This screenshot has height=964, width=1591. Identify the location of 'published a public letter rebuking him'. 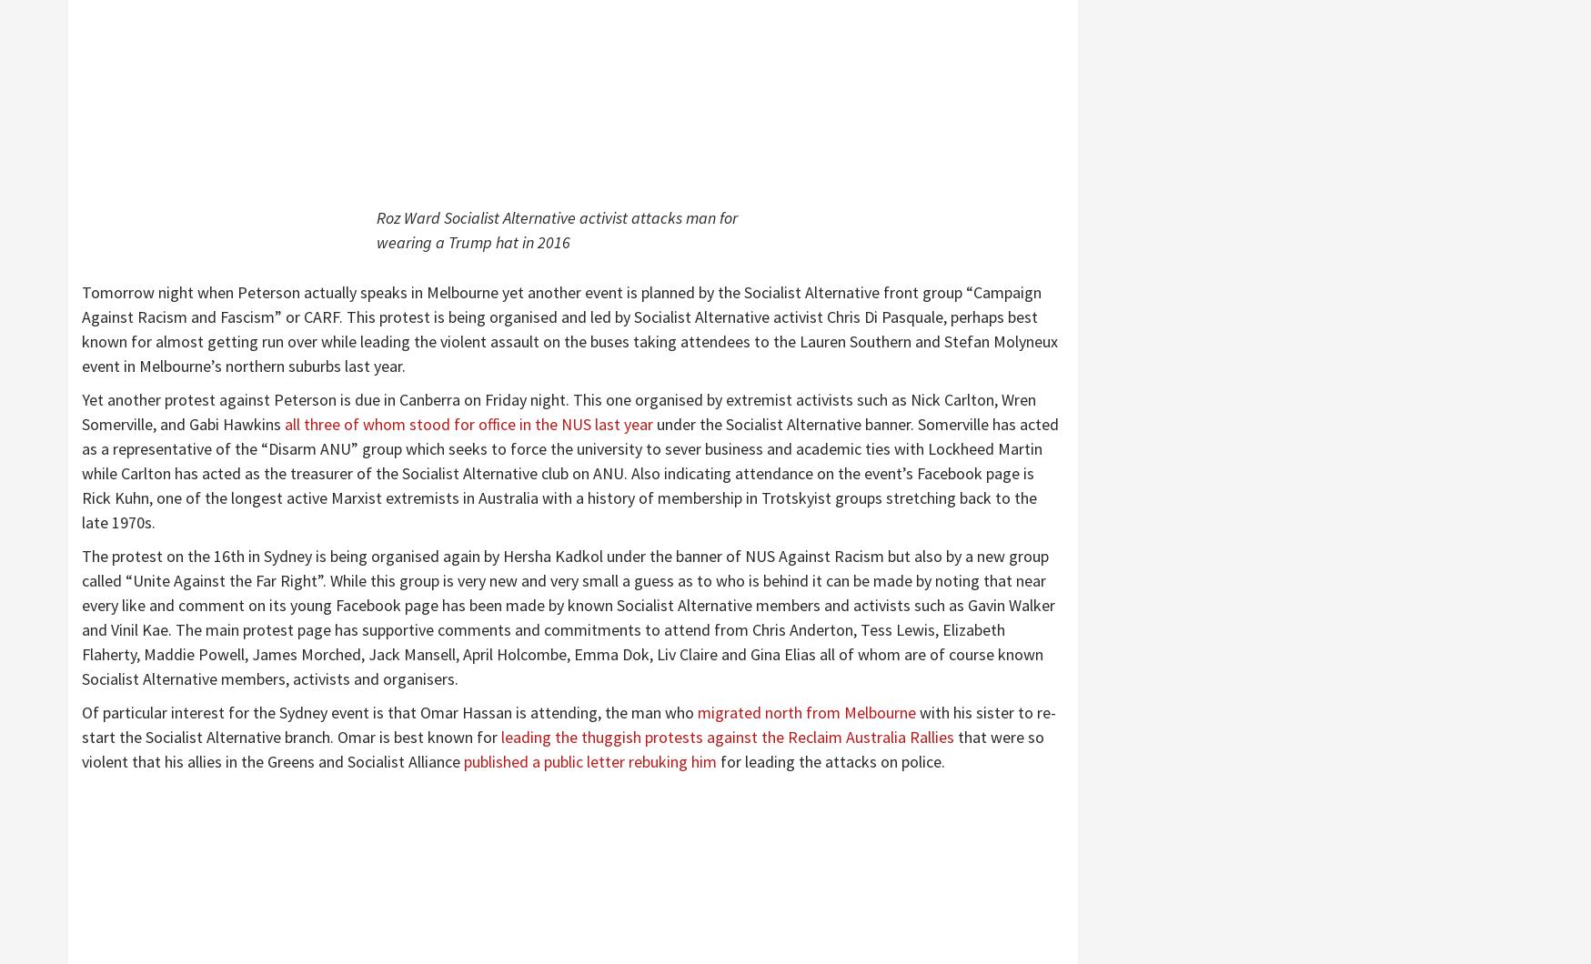
(462, 761).